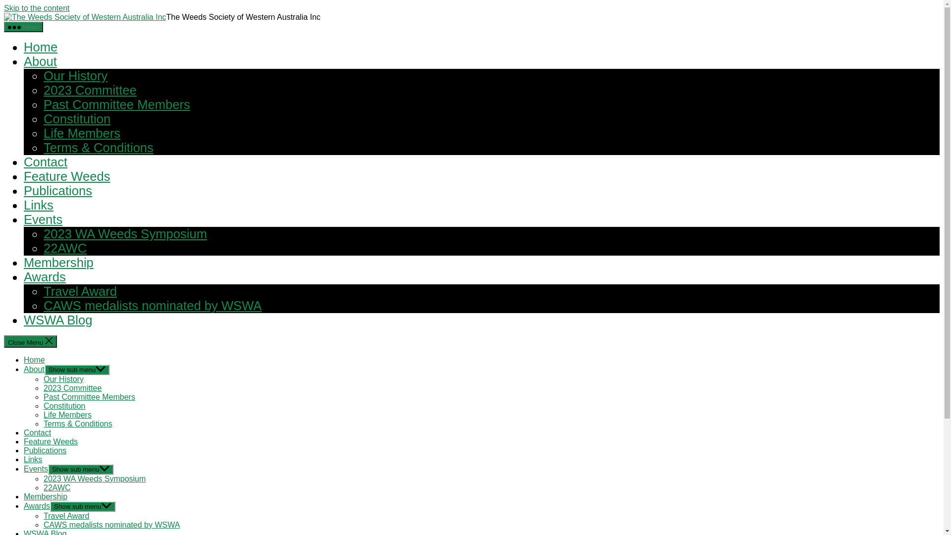 This screenshot has width=951, height=535. What do you see at coordinates (67, 415) in the screenshot?
I see `'Life Members'` at bounding box center [67, 415].